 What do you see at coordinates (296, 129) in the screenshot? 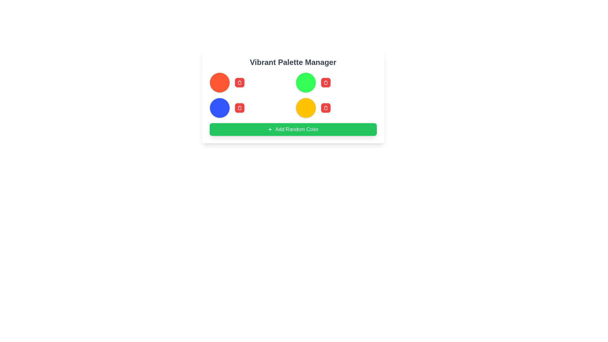
I see `the green button labeled 'Add Random Color' located at the bottom center of the interface` at bounding box center [296, 129].